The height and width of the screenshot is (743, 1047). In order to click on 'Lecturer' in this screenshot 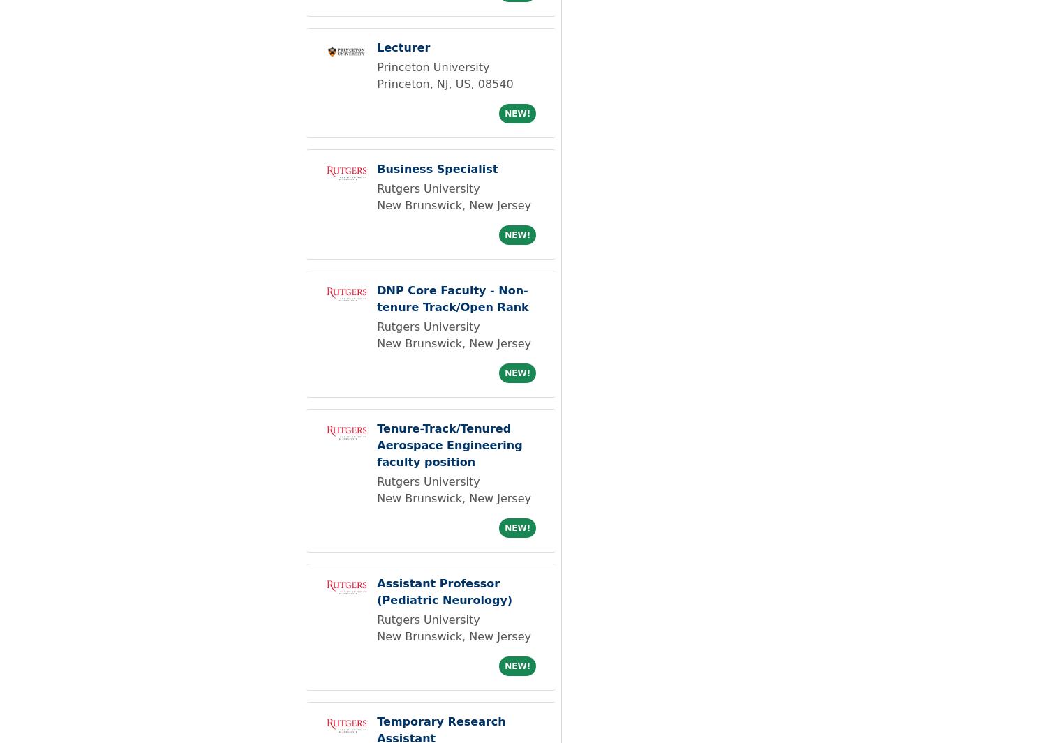, I will do `click(402, 47)`.